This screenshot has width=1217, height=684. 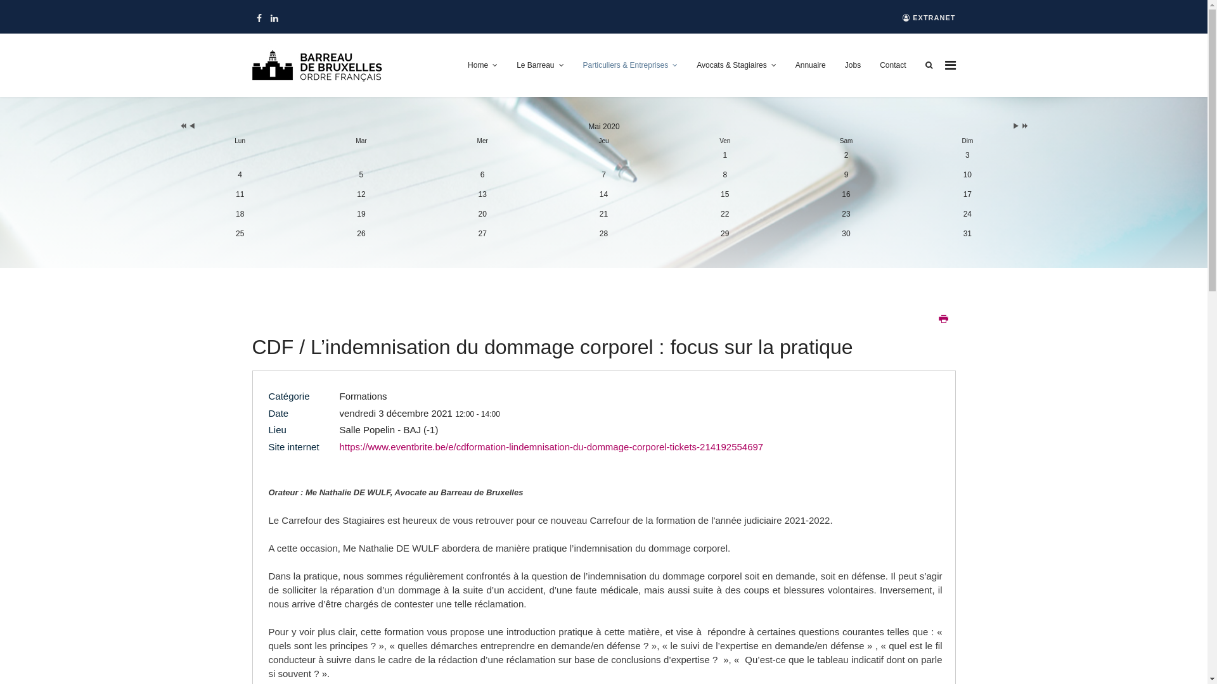 I want to click on 'Particuliers & Entreprises', so click(x=572, y=65).